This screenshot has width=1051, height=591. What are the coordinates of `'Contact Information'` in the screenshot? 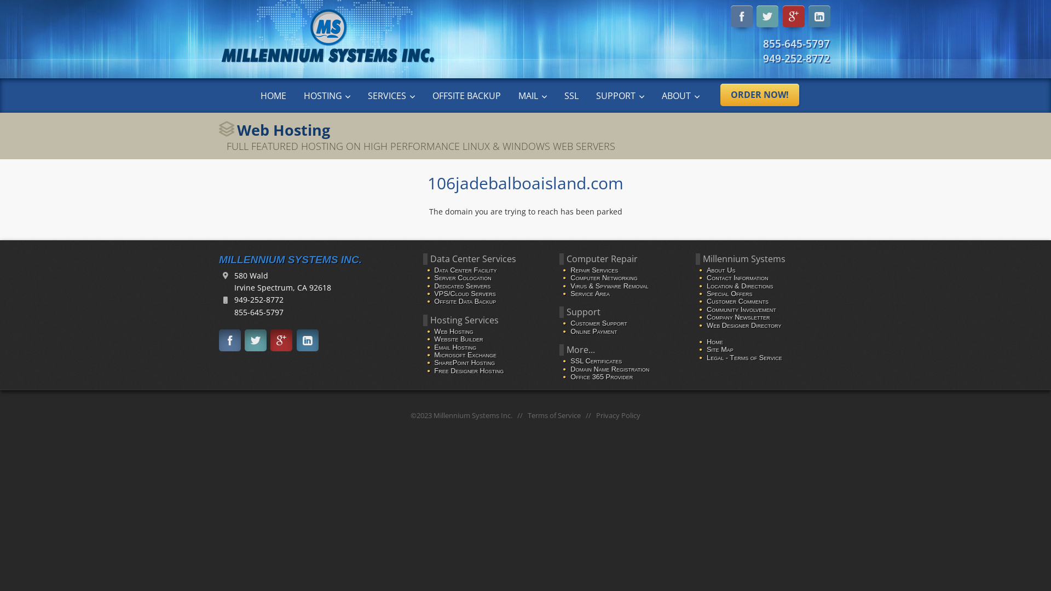 It's located at (737, 277).